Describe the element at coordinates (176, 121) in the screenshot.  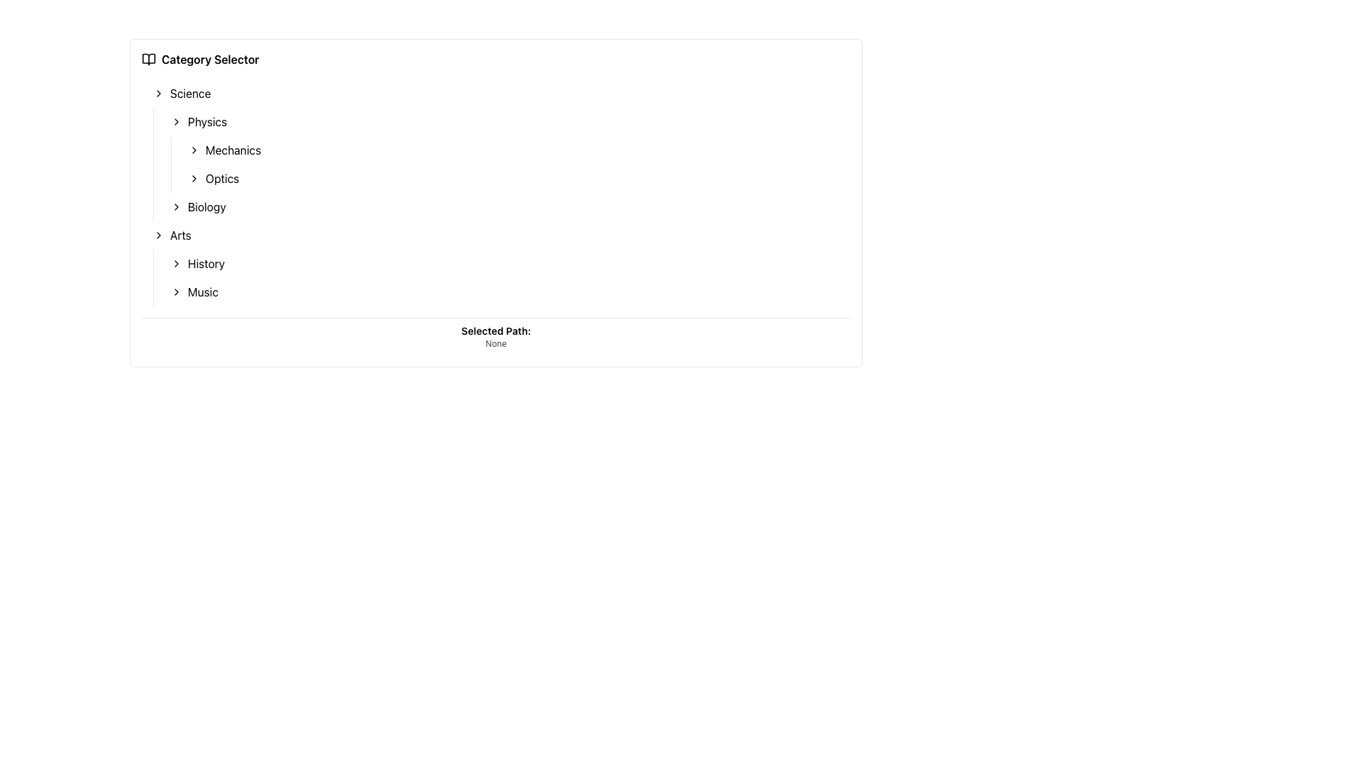
I see `the button` at that location.